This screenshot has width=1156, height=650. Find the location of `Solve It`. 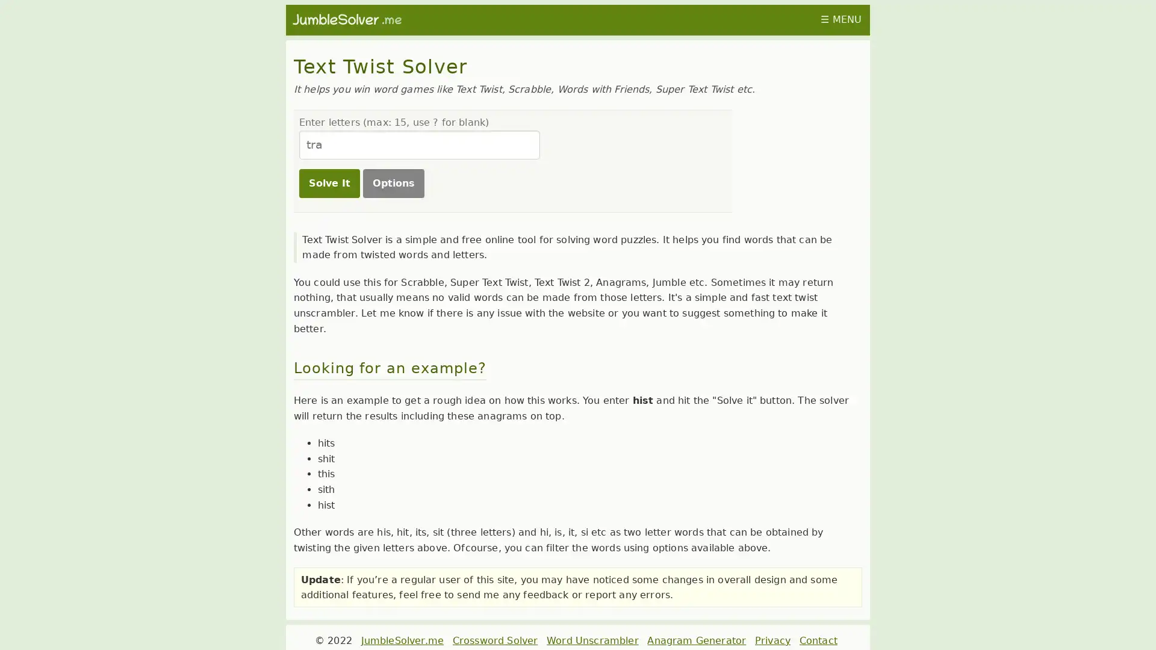

Solve It is located at coordinates (329, 183).